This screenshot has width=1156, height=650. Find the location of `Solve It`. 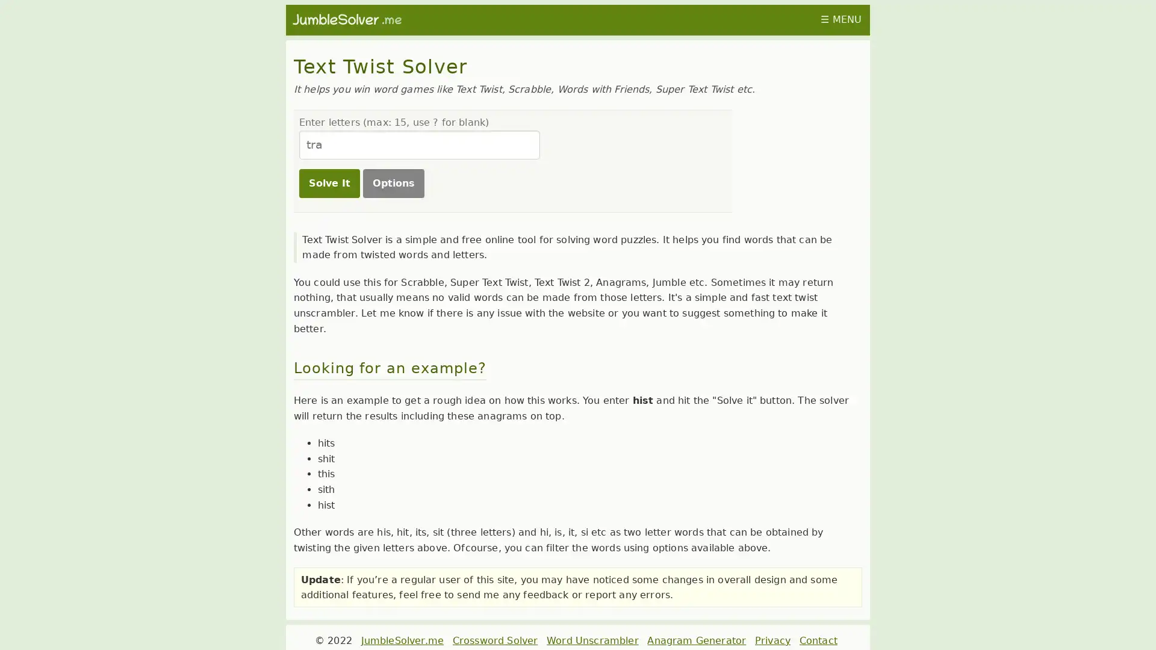

Solve It is located at coordinates (329, 183).